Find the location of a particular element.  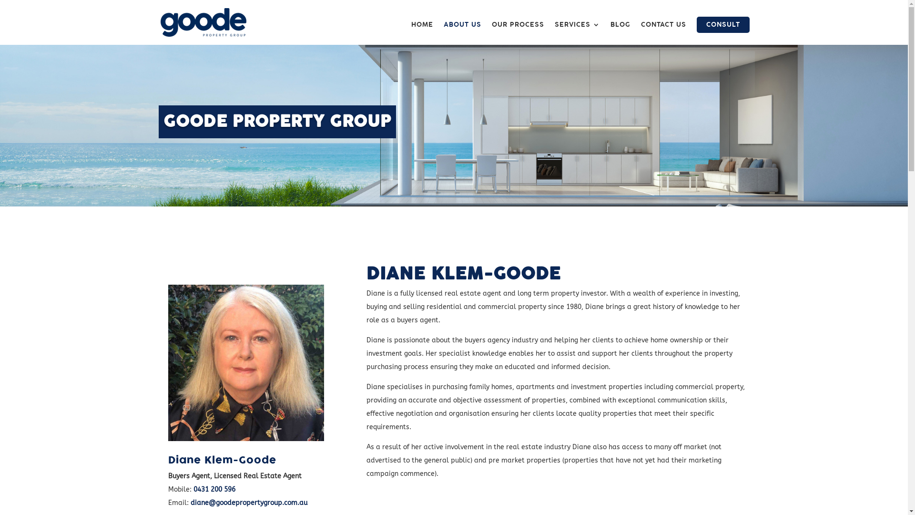

'0431 200 596' is located at coordinates (214, 489).